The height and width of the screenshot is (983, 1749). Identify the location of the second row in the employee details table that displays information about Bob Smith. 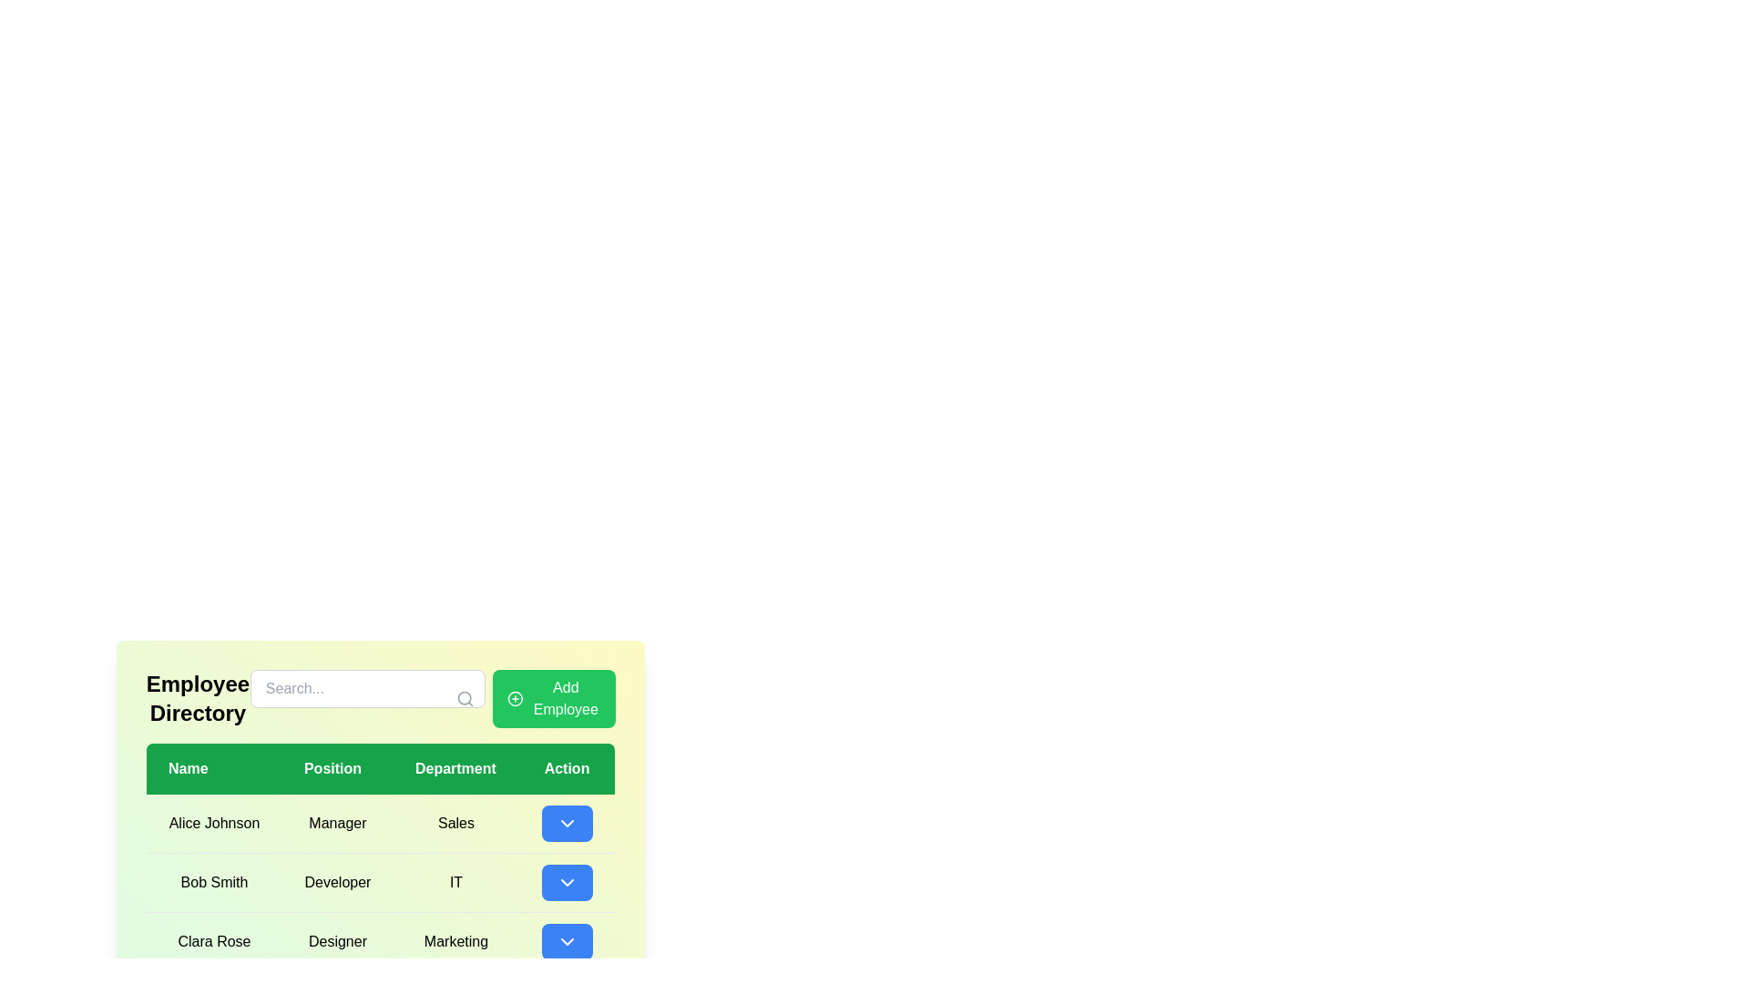
(379, 881).